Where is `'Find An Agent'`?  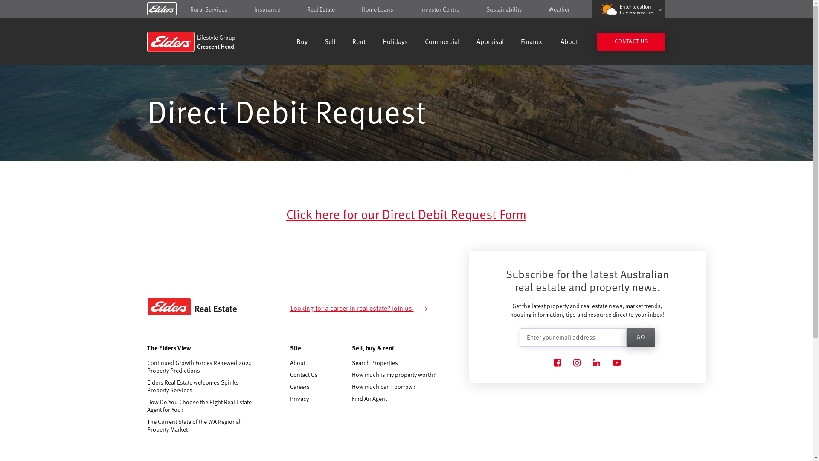
'Find An Agent' is located at coordinates (369, 398).